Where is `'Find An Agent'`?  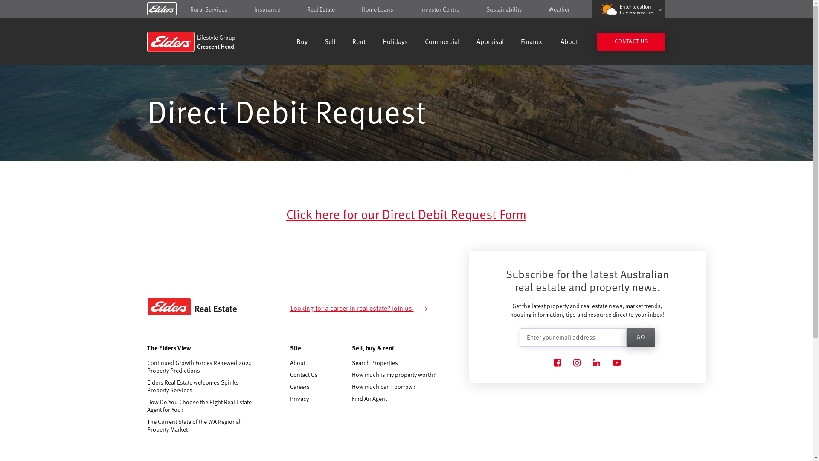
'Find An Agent' is located at coordinates (369, 398).